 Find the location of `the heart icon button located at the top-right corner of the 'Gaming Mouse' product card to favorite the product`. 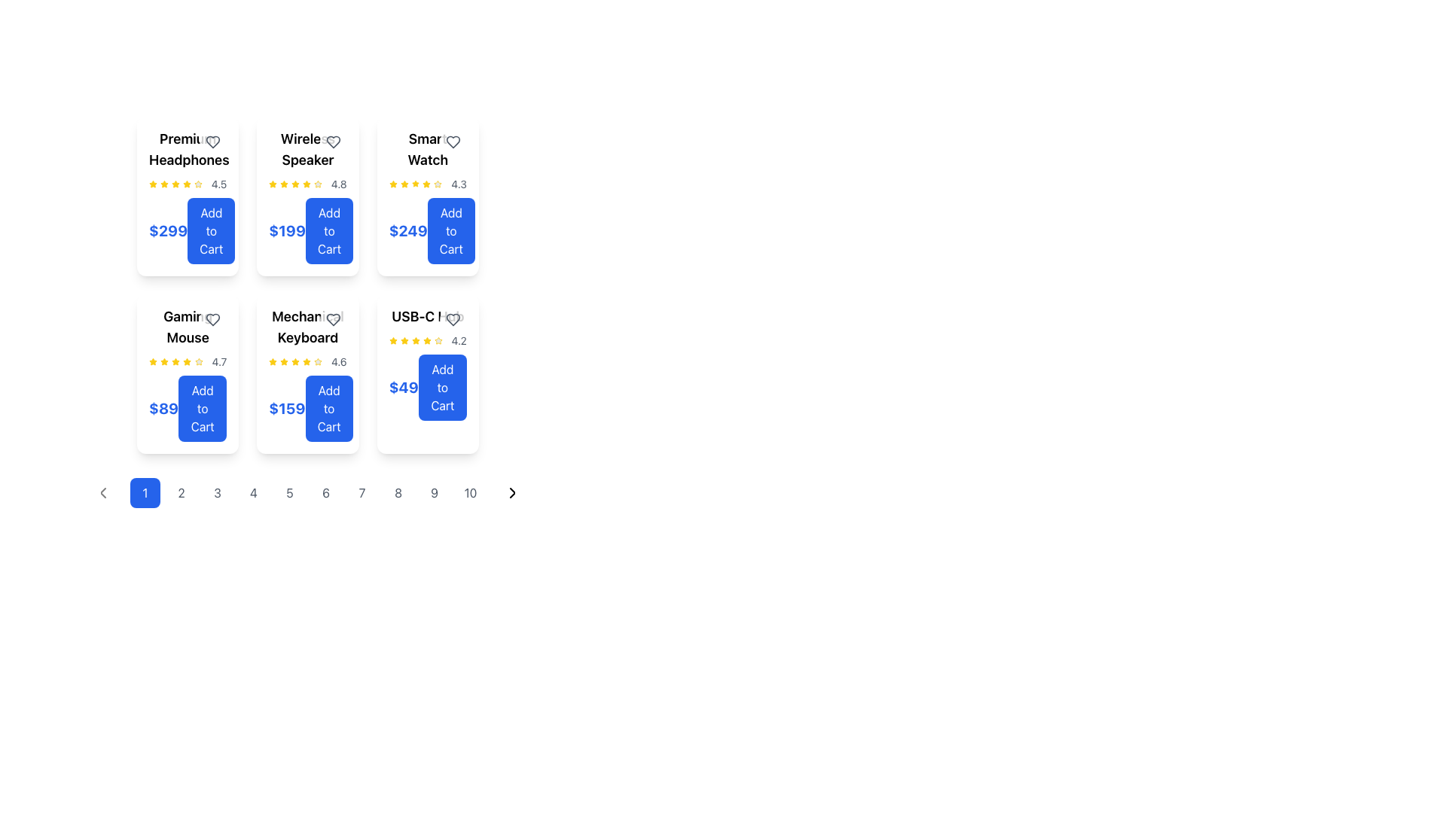

the heart icon button located at the top-right corner of the 'Gaming Mouse' product card to favorite the product is located at coordinates (212, 318).